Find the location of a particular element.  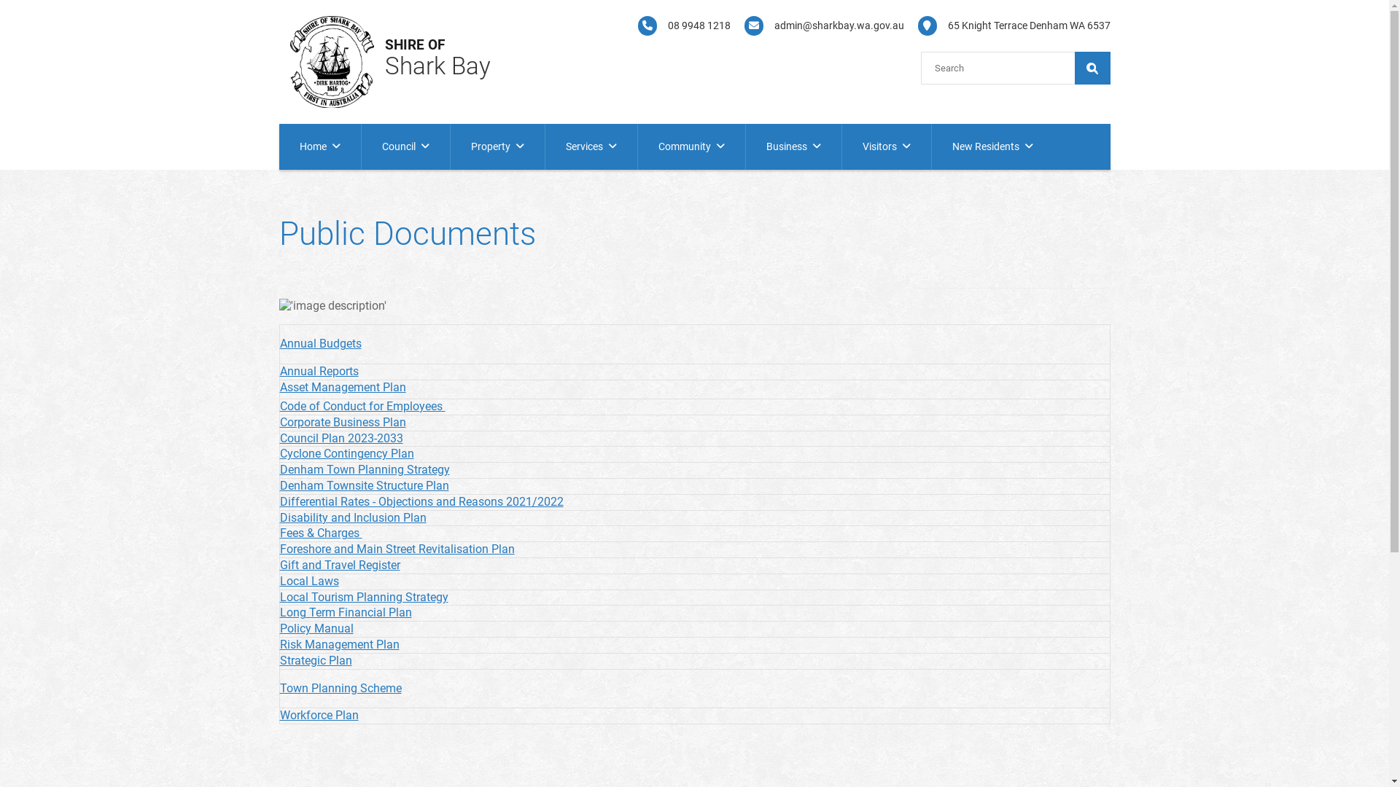

'Town Planning Scheme' is located at coordinates (340, 688).